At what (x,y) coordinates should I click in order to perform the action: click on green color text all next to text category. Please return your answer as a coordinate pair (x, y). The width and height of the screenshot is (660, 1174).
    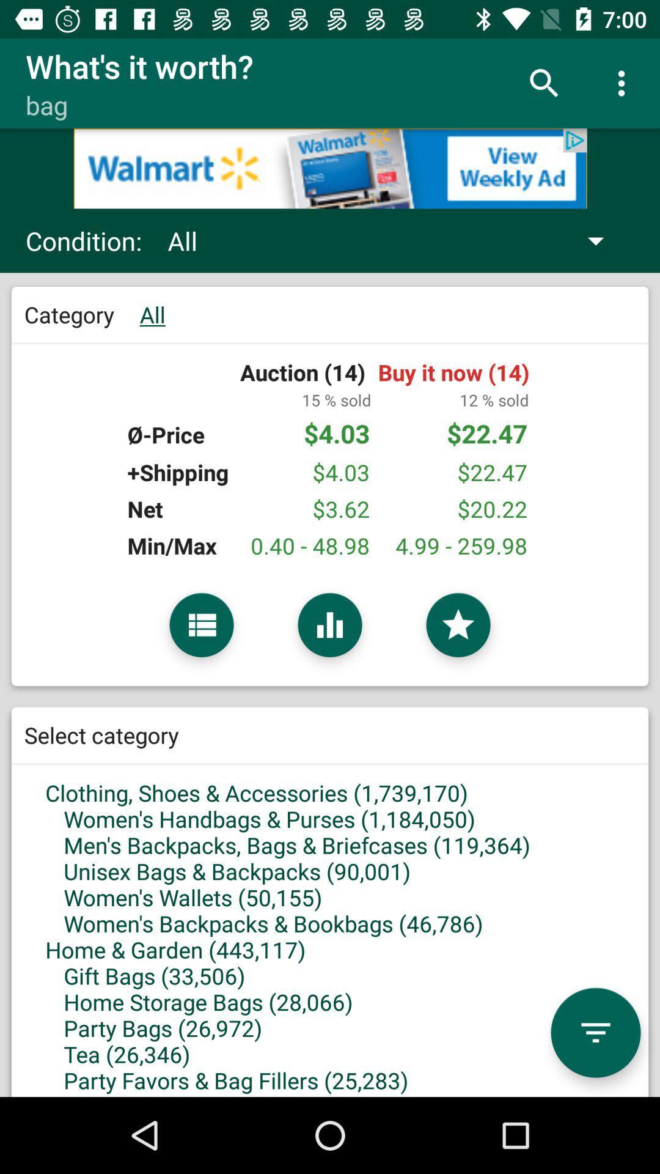
    Looking at the image, I should click on (152, 314).